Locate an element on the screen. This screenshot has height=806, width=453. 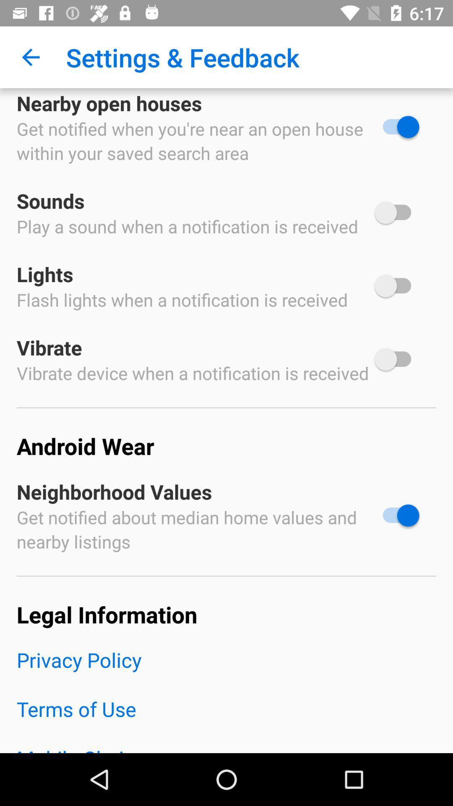
open houses option is located at coordinates (396, 126).